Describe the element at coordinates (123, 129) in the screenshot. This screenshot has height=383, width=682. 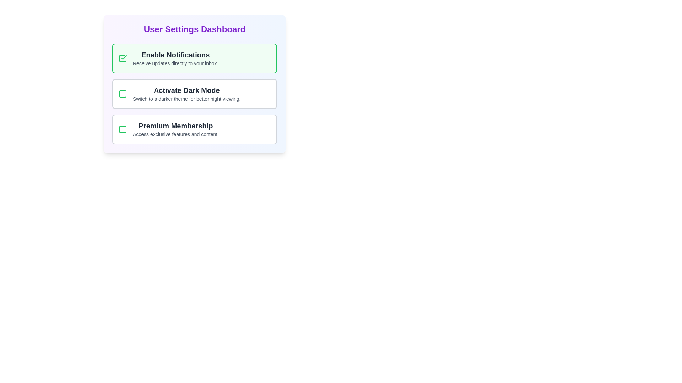
I see `the inner rectangular shape inside the square icon associated with the 'Premium Membership' row, positioned in the third row of the interface` at that location.